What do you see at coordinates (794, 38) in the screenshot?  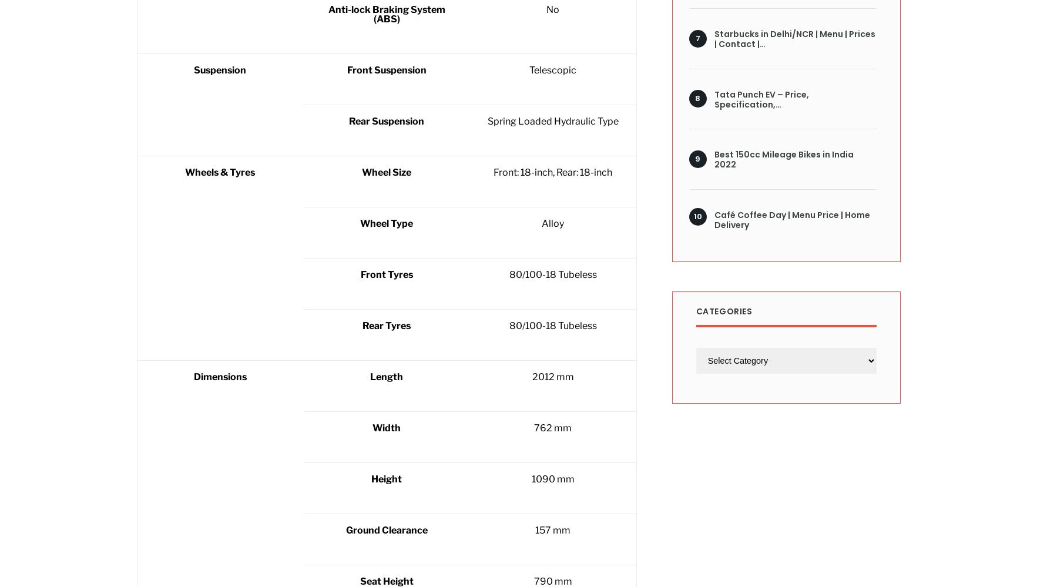 I see `'Starbucks in Delhi/NCR | Menu | Prices | Contact |…'` at bounding box center [794, 38].